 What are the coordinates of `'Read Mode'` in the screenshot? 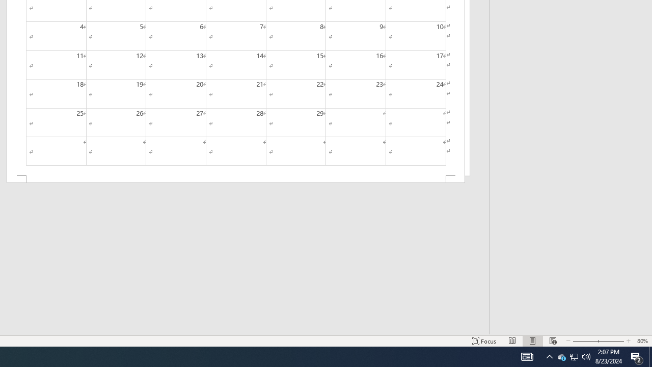 It's located at (512, 341).